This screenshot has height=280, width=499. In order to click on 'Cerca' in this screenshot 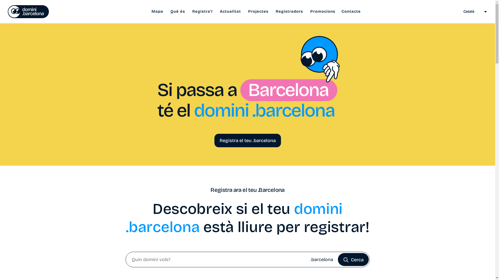, I will do `click(353, 260)`.